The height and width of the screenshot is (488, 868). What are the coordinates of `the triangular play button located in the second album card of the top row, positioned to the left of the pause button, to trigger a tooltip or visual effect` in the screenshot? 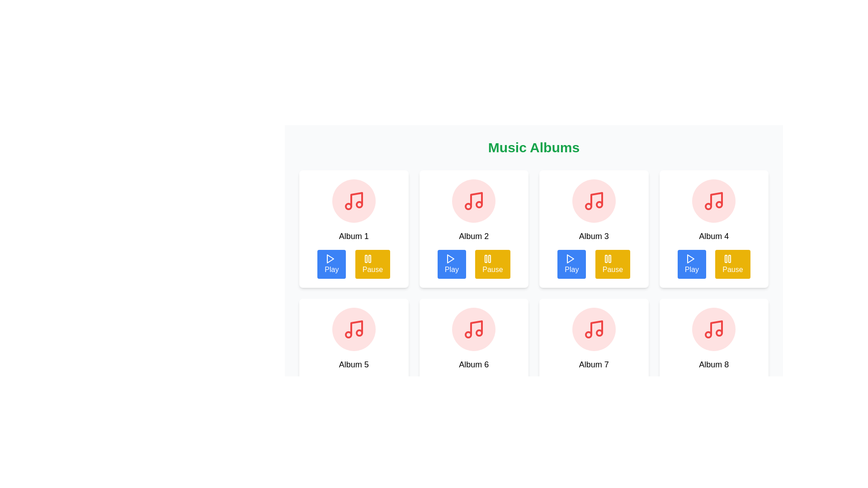 It's located at (450, 259).